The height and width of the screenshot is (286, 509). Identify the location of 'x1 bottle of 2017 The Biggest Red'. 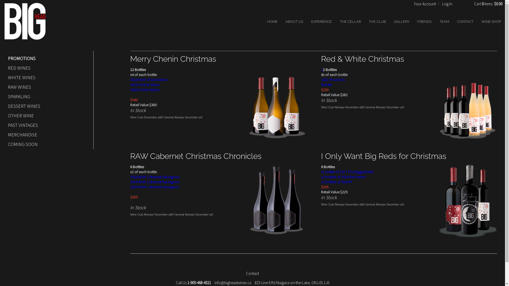
(347, 172).